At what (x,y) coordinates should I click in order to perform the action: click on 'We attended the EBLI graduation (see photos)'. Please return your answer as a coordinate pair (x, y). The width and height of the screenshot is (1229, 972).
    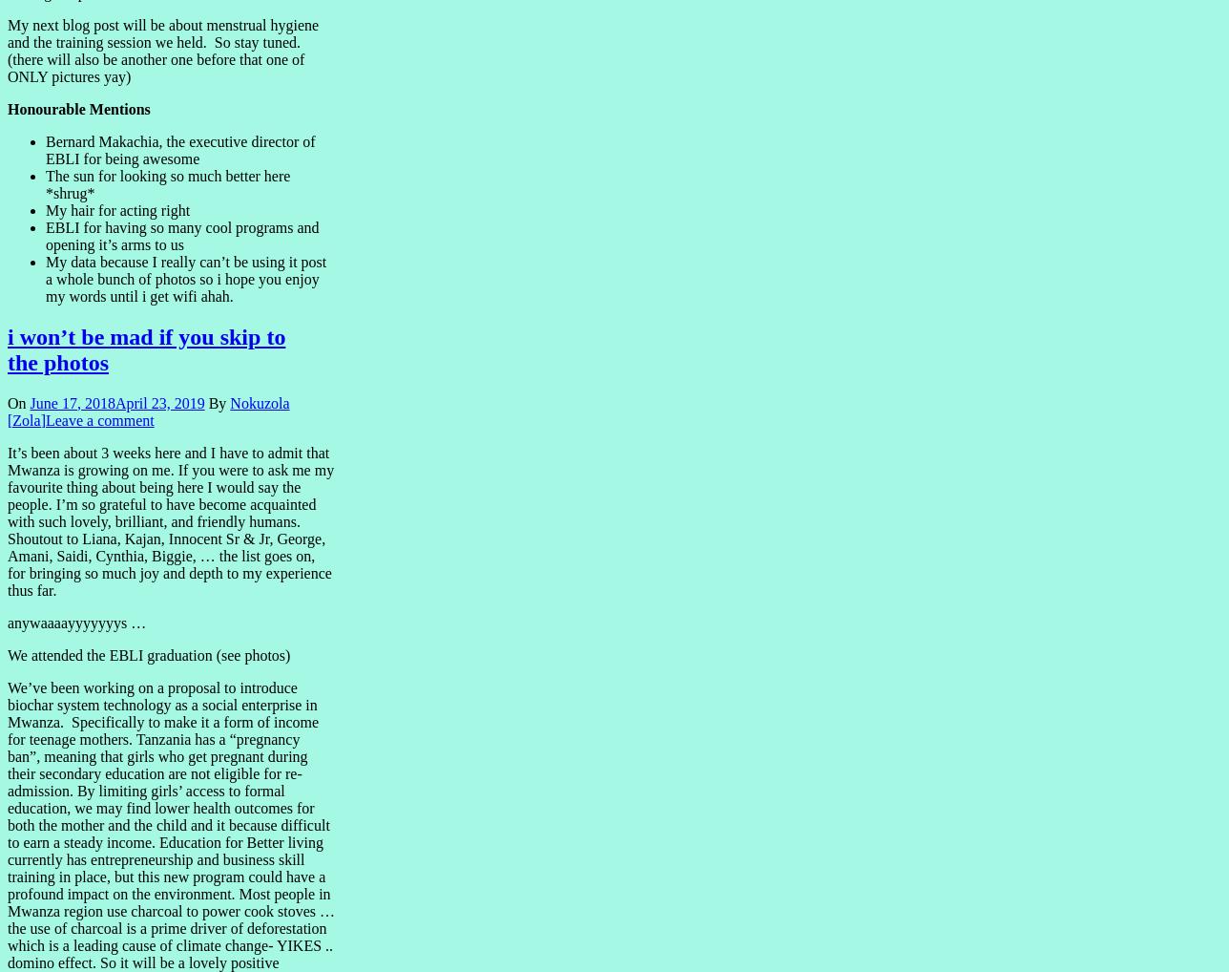
    Looking at the image, I should click on (148, 654).